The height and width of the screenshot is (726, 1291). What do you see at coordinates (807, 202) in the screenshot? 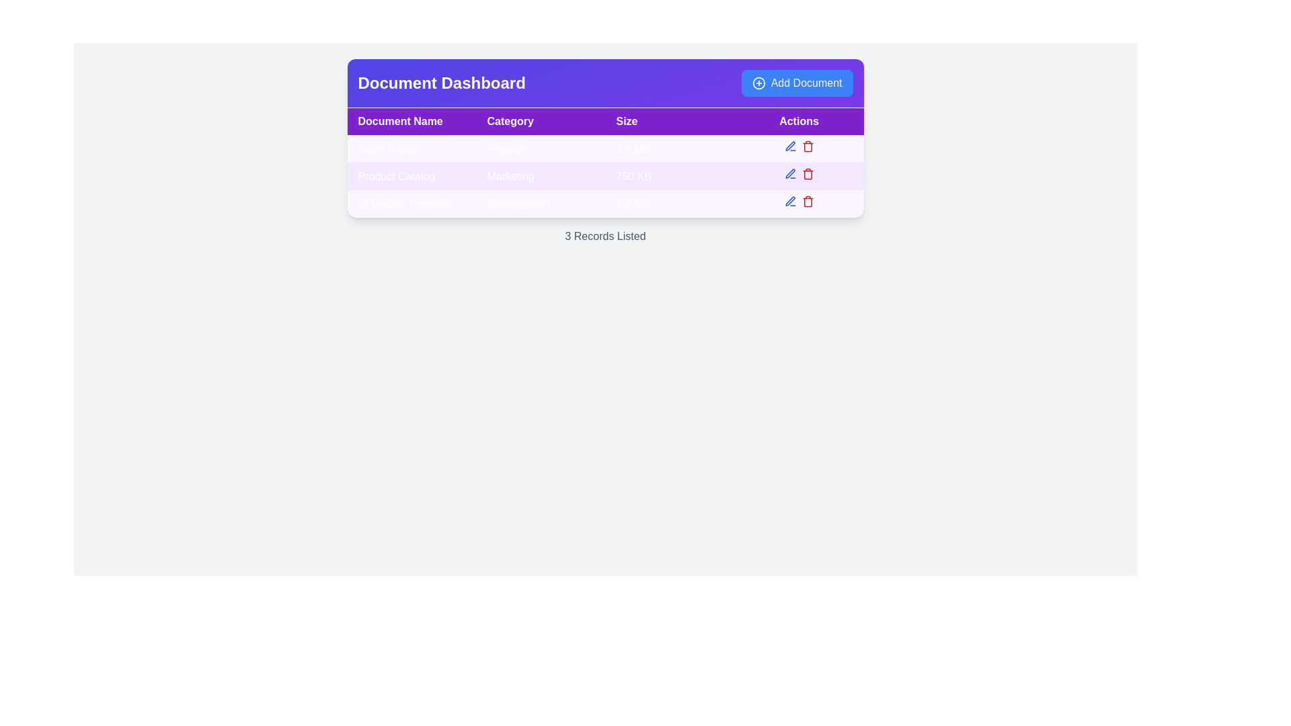
I see `the trash bin icon located at the far-right position within the 'Actions' column of the last row of the table` at bounding box center [807, 202].